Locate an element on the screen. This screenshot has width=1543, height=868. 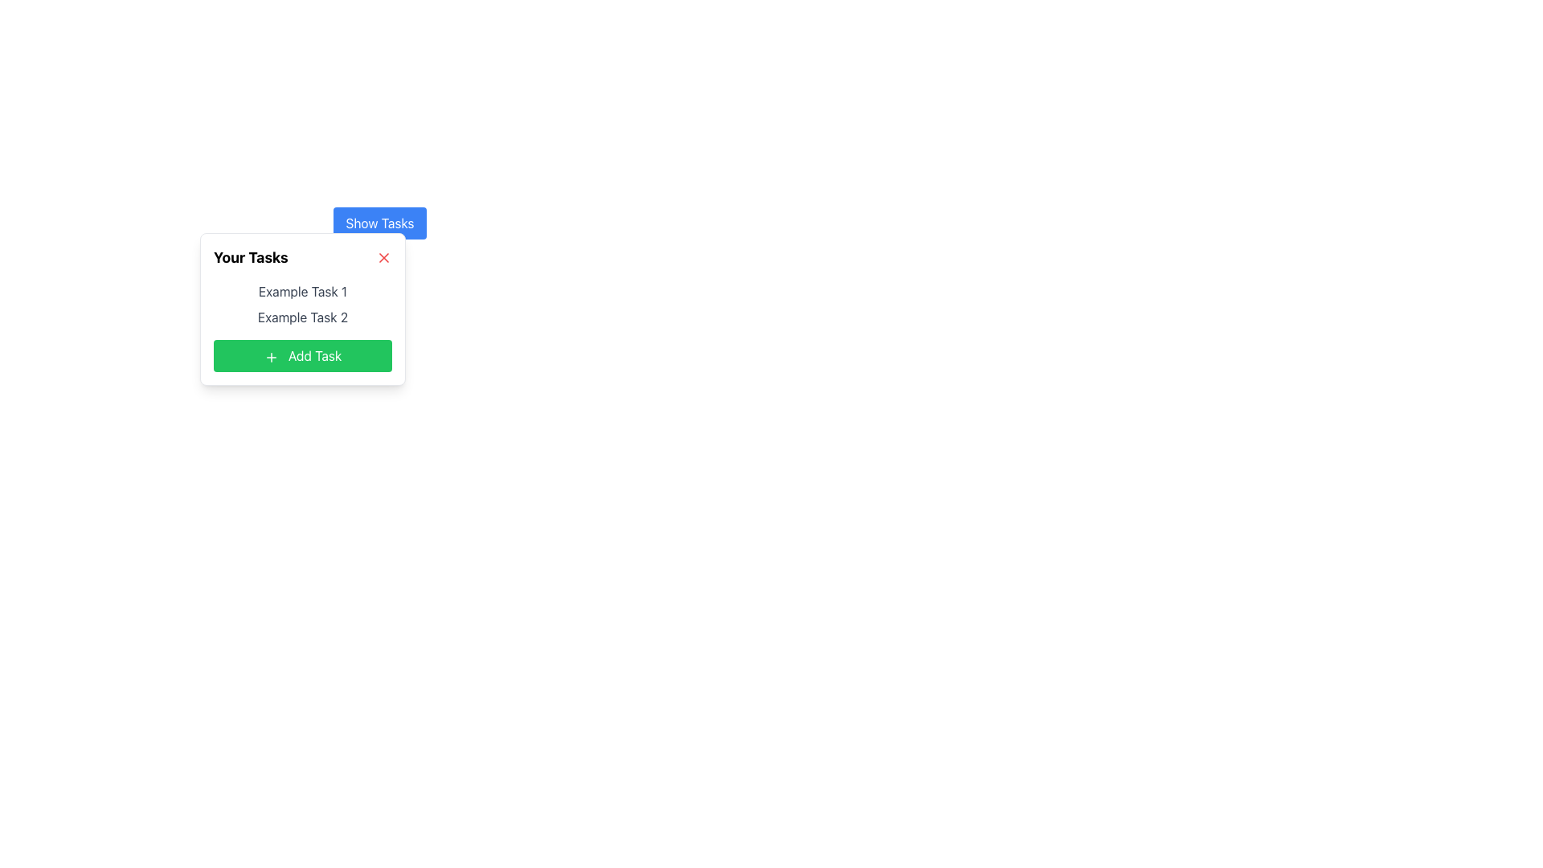
the static text label 'Example Task 2' which is styled in gray and is the second item in a task list is located at coordinates (303, 317).